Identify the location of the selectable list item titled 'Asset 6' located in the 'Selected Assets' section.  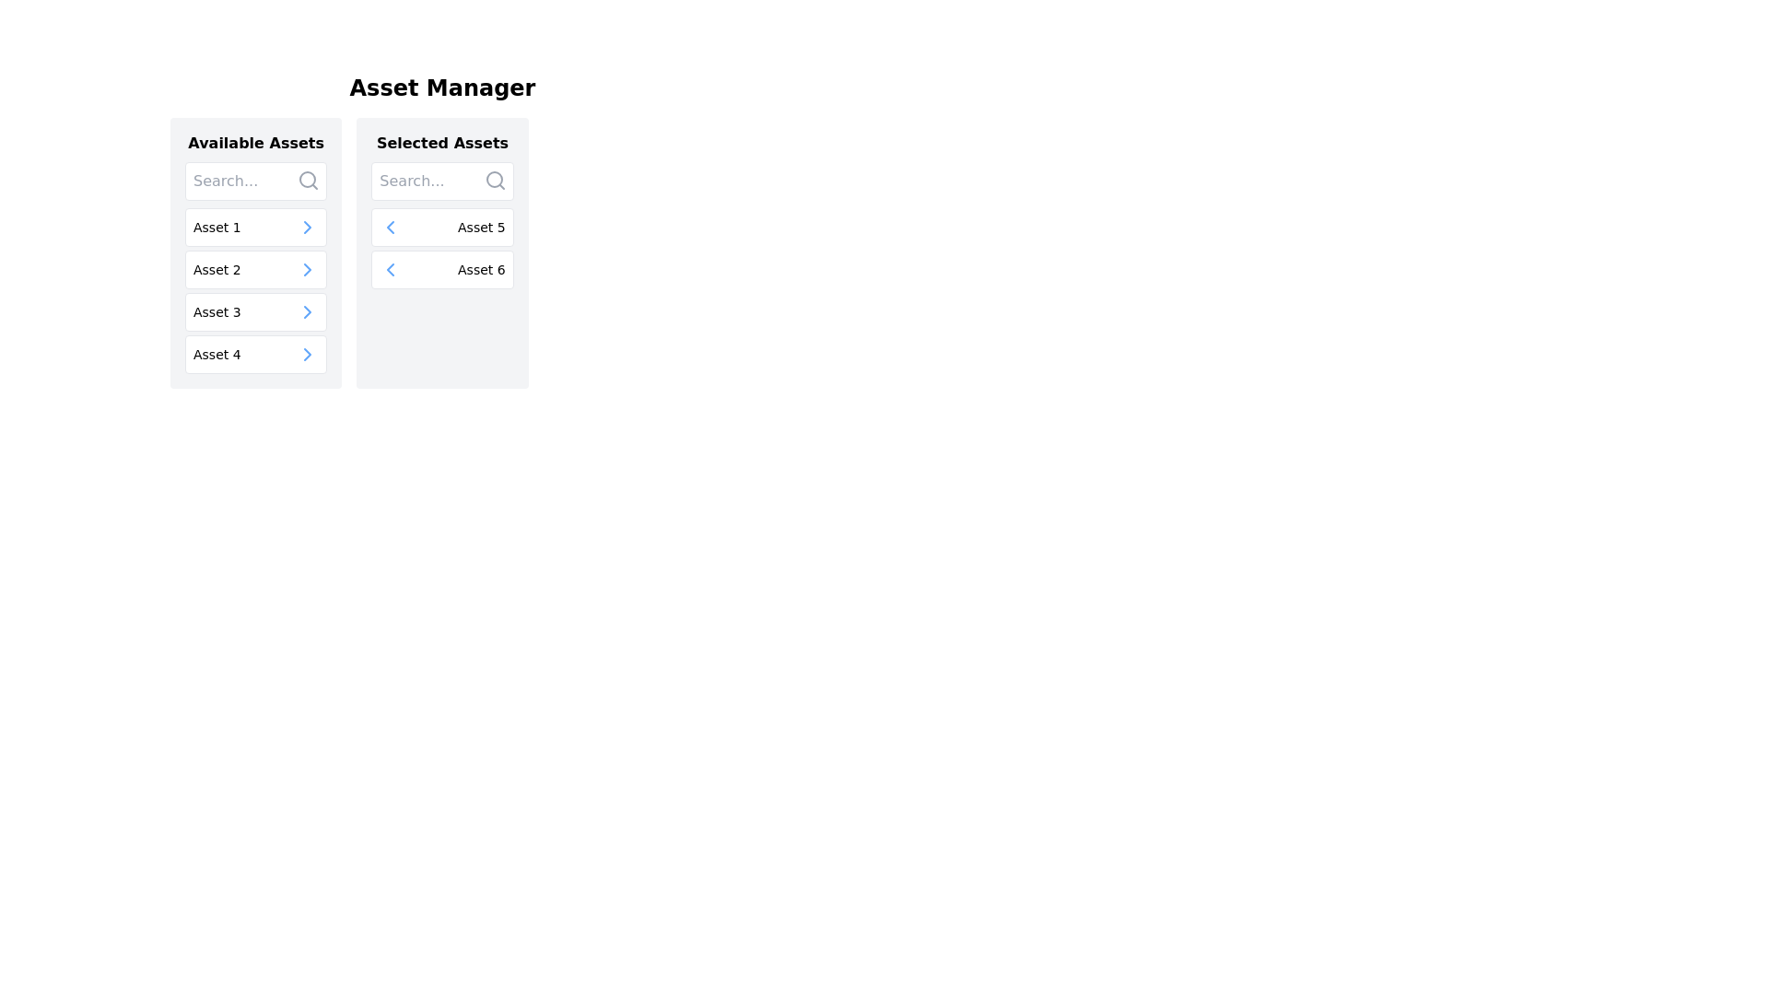
(442, 270).